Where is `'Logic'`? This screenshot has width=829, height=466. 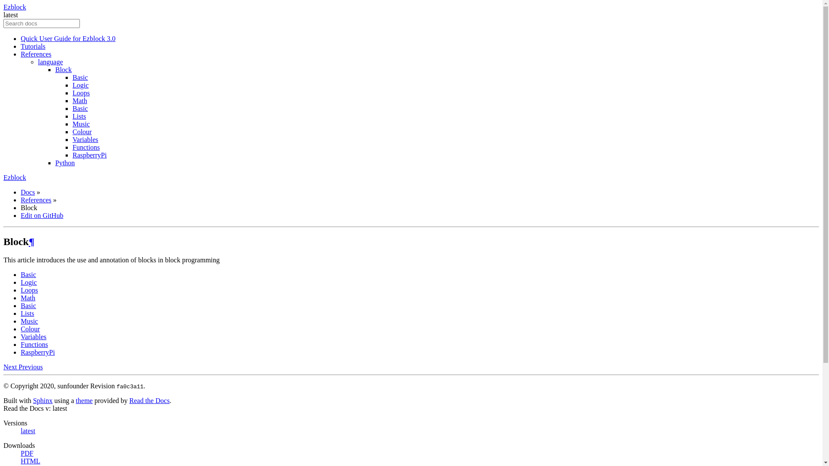
'Logic' is located at coordinates (28, 282).